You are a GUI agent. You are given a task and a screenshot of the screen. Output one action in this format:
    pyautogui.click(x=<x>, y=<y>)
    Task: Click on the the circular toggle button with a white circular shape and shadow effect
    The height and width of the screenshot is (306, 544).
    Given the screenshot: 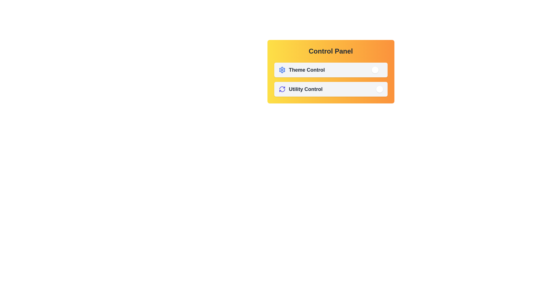 What is the action you would take?
    pyautogui.click(x=375, y=69)
    